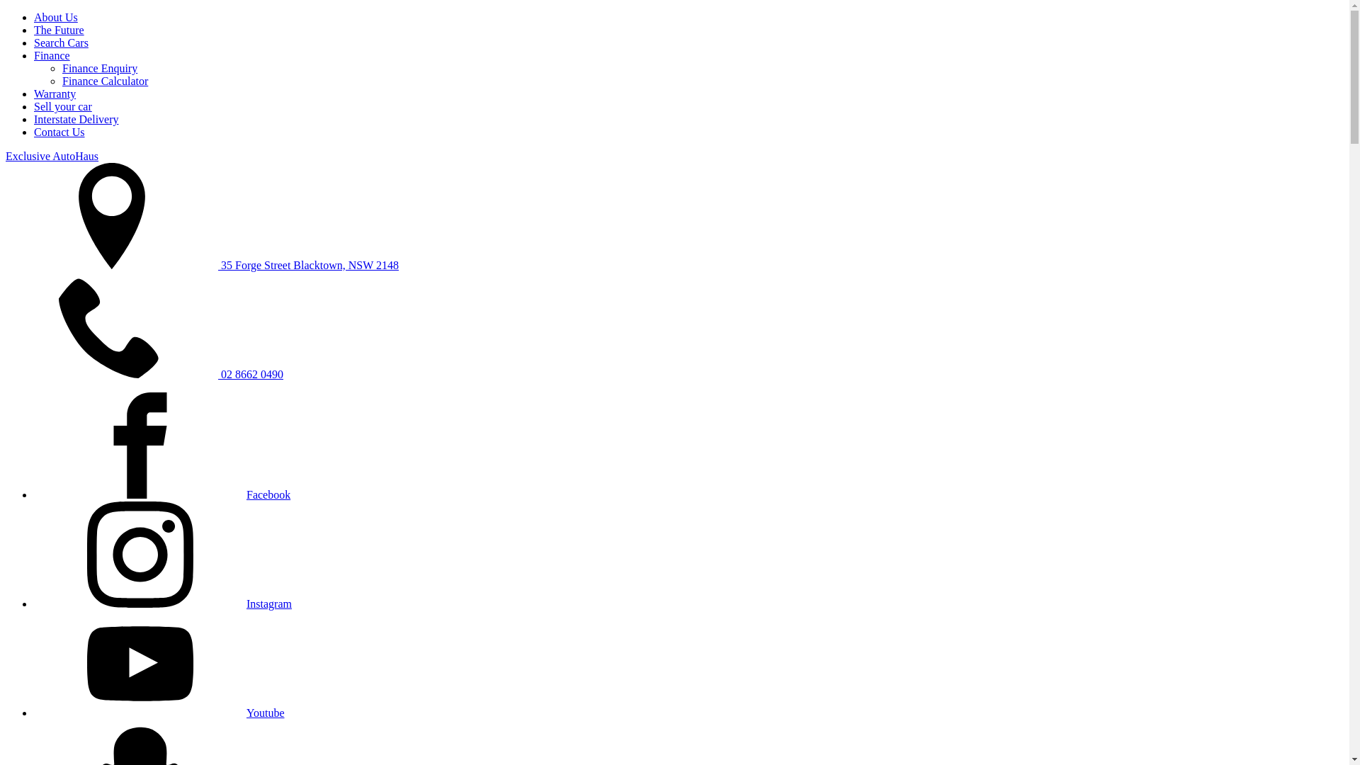 The height and width of the screenshot is (765, 1360). Describe the element at coordinates (61, 81) in the screenshot. I see `'Finance Calculator'` at that location.